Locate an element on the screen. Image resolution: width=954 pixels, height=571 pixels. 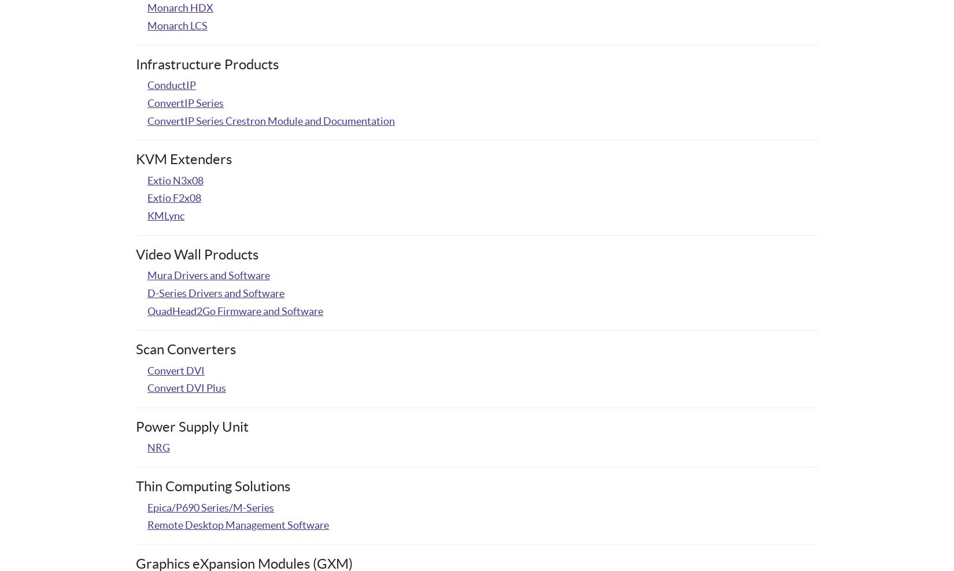
'Monarch HDX' is located at coordinates (180, 7).